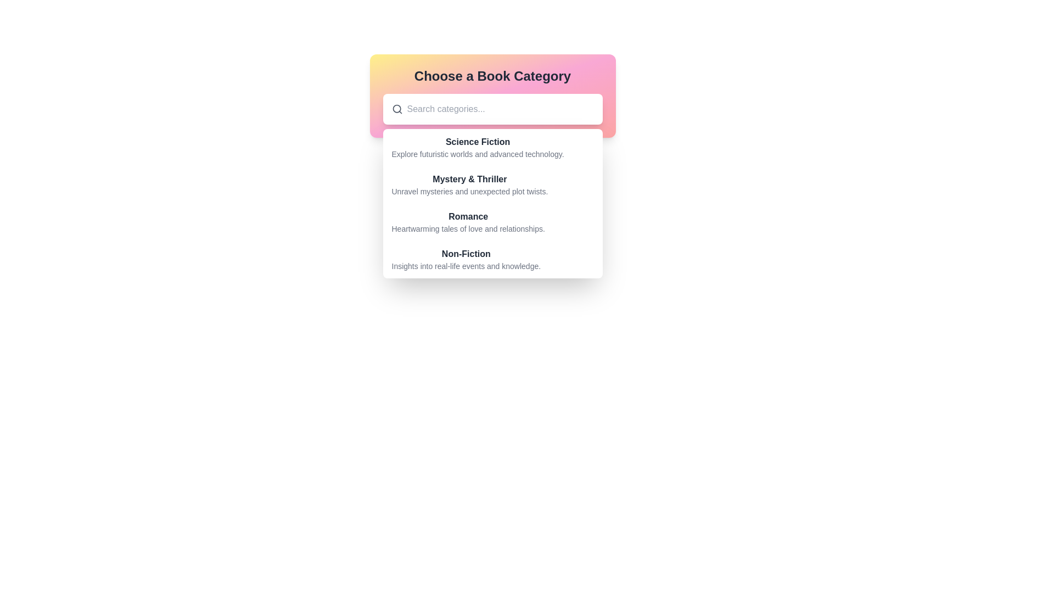 This screenshot has width=1054, height=593. I want to click on the circular icon representing the lens component of the magnifying glass, located inside the search field under the headline 'Choose a Book Category', so click(396, 109).